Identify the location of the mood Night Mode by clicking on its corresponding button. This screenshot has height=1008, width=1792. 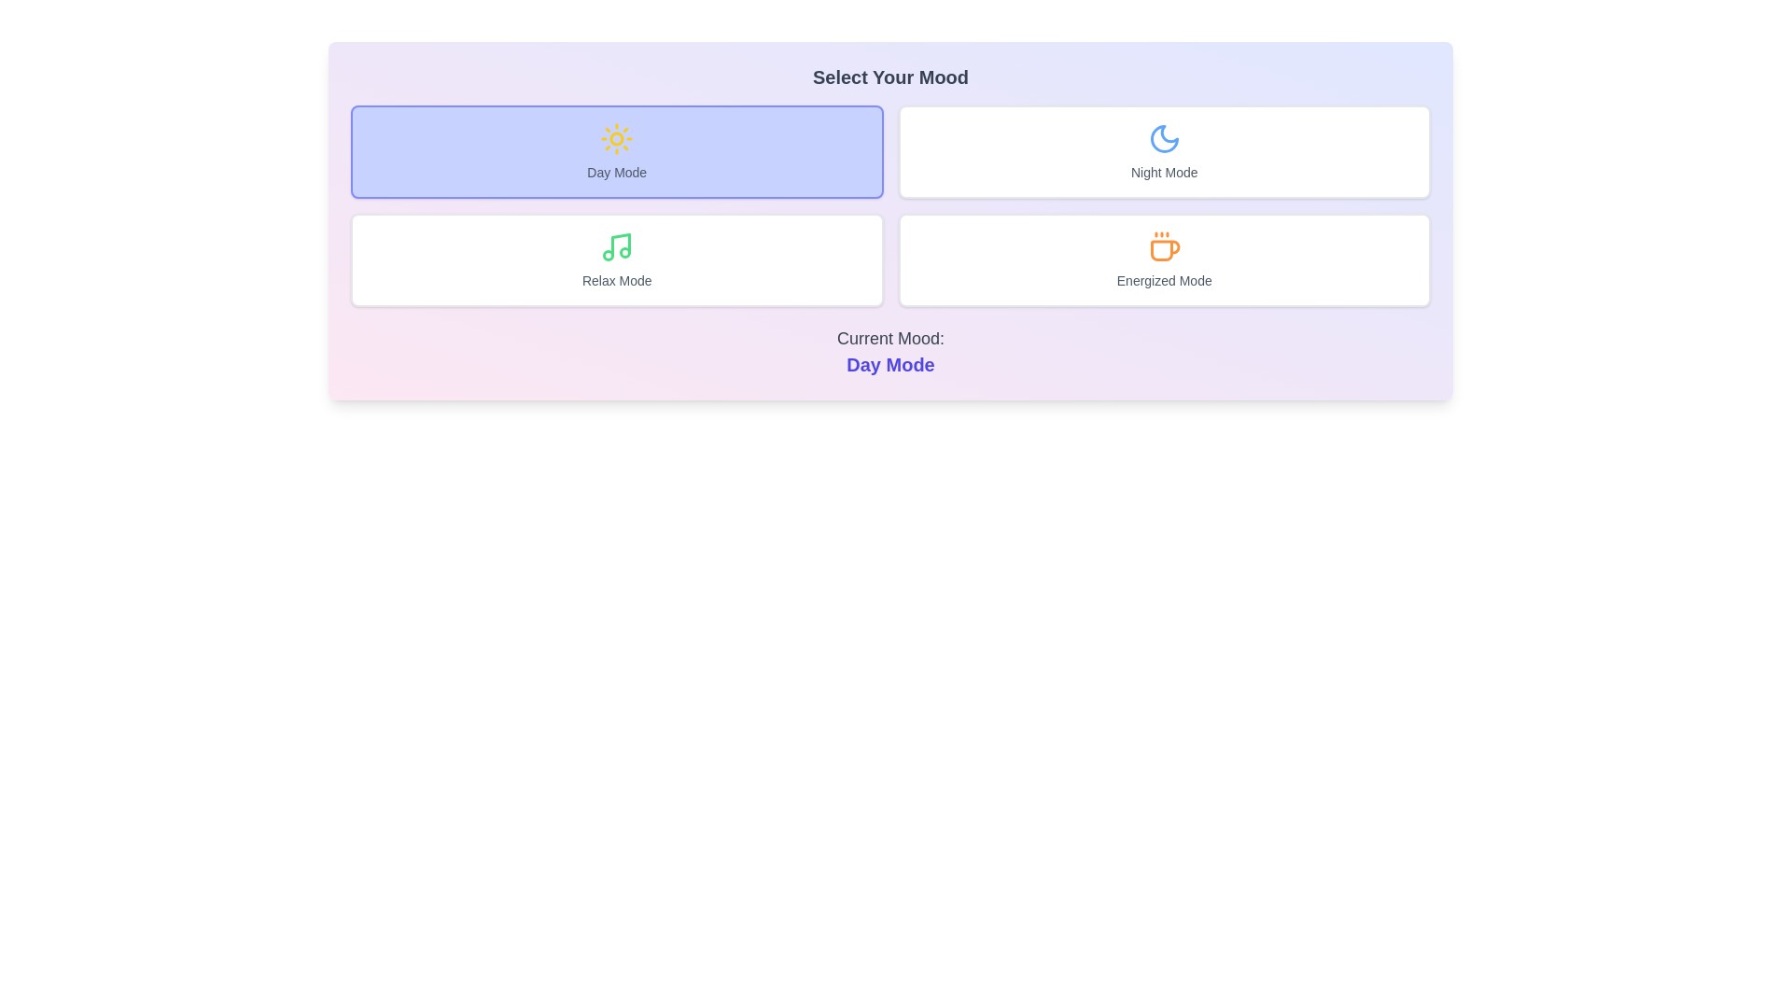
(1163, 150).